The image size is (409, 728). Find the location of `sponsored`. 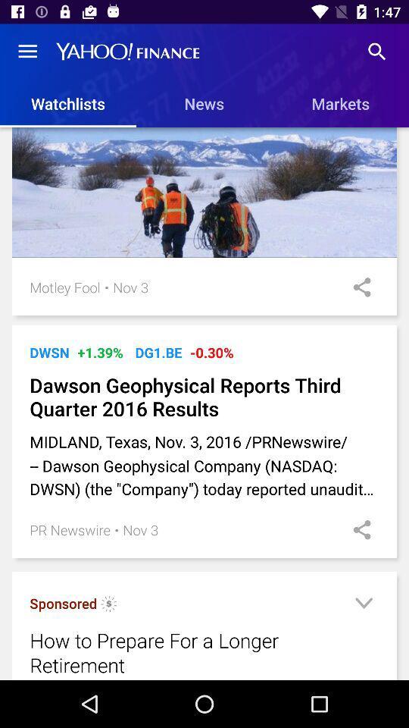

sponsored is located at coordinates (62, 603).